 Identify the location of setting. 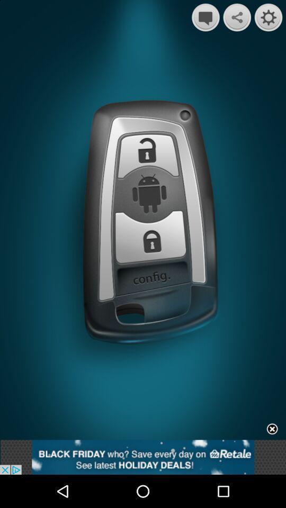
(269, 17).